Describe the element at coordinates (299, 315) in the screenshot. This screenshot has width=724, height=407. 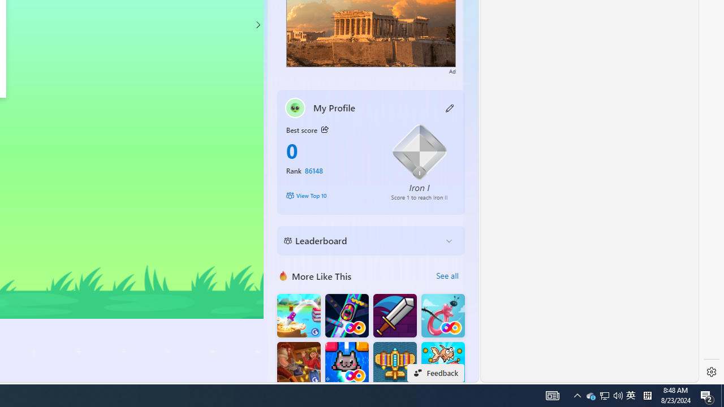
I see `'Knife Flip'` at that location.